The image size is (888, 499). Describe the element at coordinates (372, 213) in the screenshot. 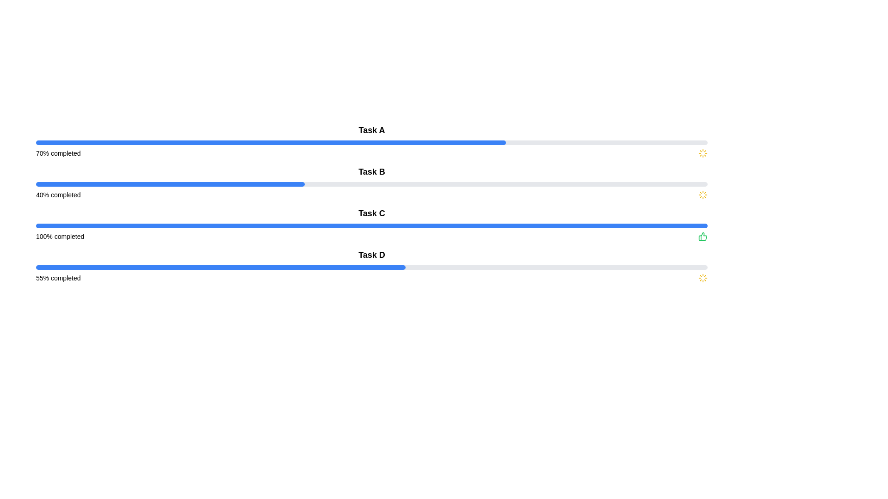

I see `the bold, large-font text label displaying 'Task C', which is positioned above the progress bar and completion information` at that location.